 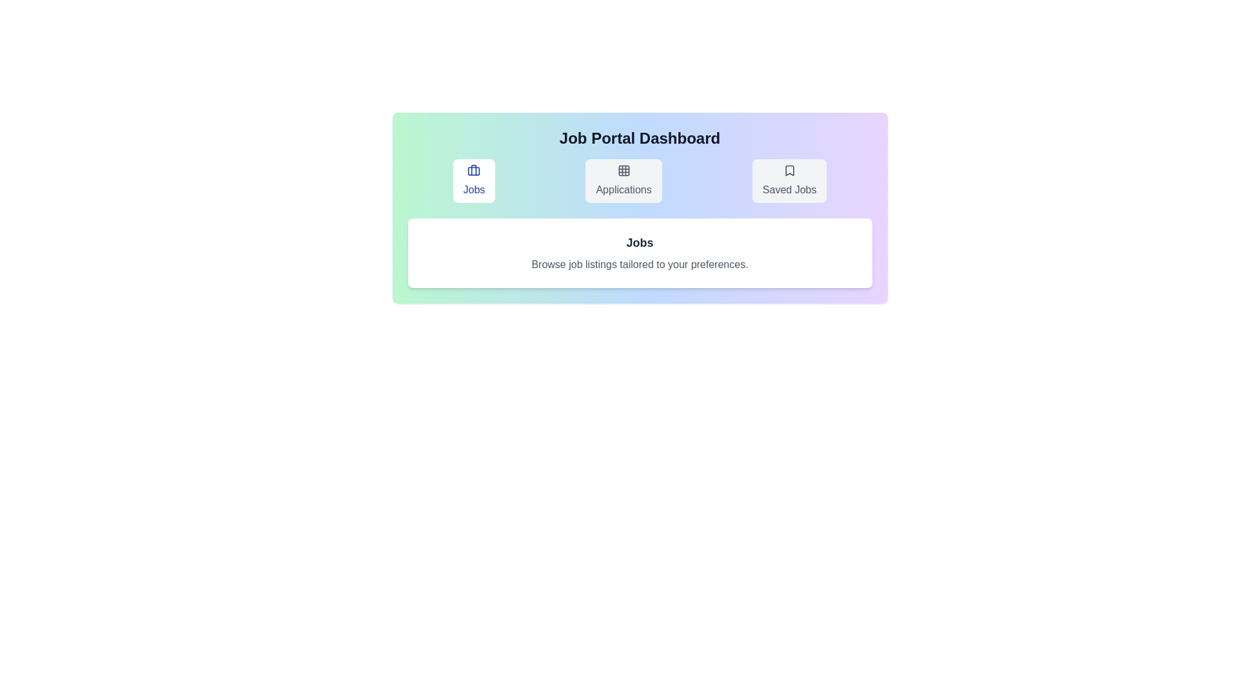 What do you see at coordinates (473, 181) in the screenshot?
I see `the tab labeled Jobs to activate its content` at bounding box center [473, 181].